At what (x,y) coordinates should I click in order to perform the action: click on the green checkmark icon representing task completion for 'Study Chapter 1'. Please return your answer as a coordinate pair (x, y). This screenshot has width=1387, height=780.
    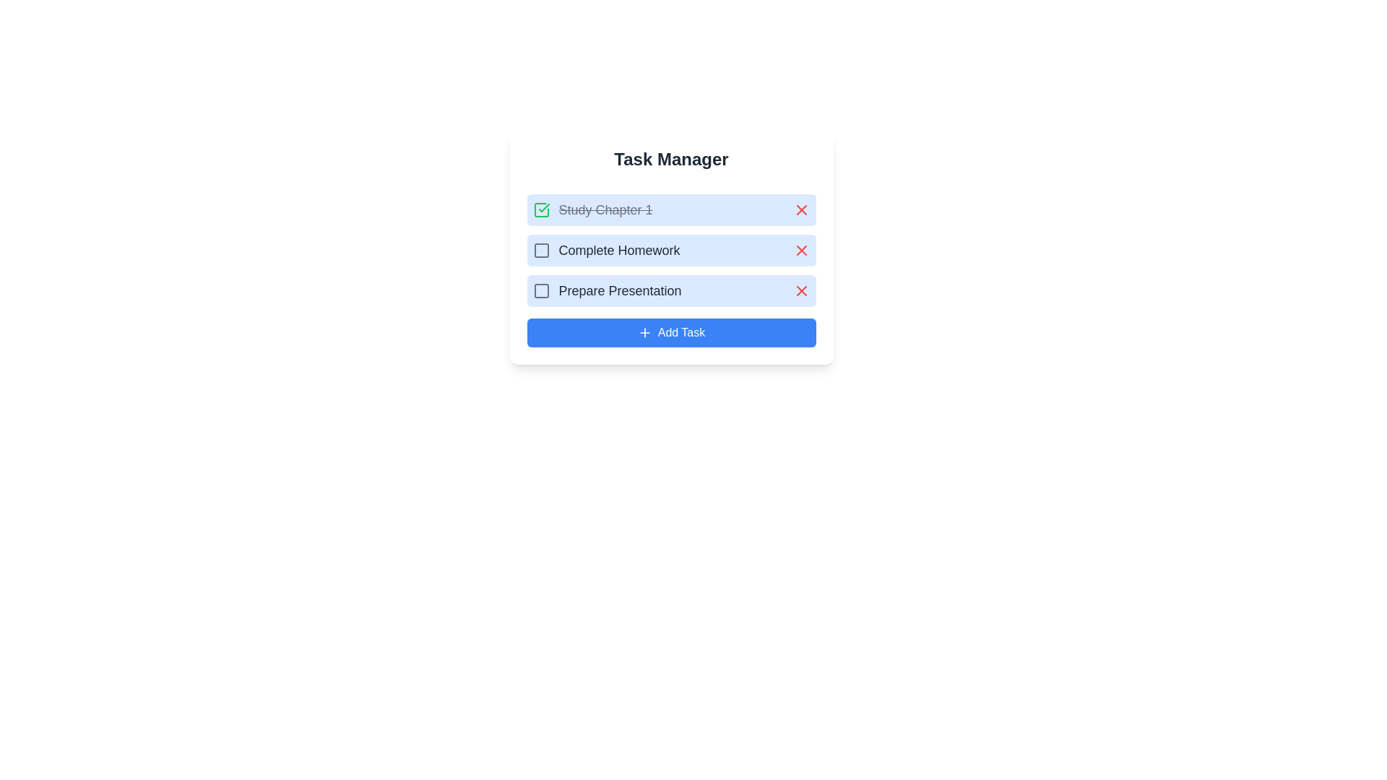
    Looking at the image, I should click on (543, 208).